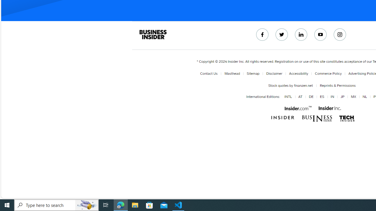  What do you see at coordinates (283, 118) in the screenshot?
I see `'Insider'` at bounding box center [283, 118].